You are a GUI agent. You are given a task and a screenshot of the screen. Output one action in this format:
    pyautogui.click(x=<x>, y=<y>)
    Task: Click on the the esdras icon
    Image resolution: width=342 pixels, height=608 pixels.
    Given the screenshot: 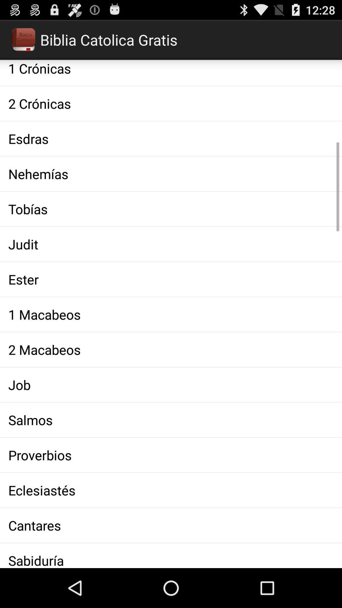 What is the action you would take?
    pyautogui.click(x=171, y=138)
    